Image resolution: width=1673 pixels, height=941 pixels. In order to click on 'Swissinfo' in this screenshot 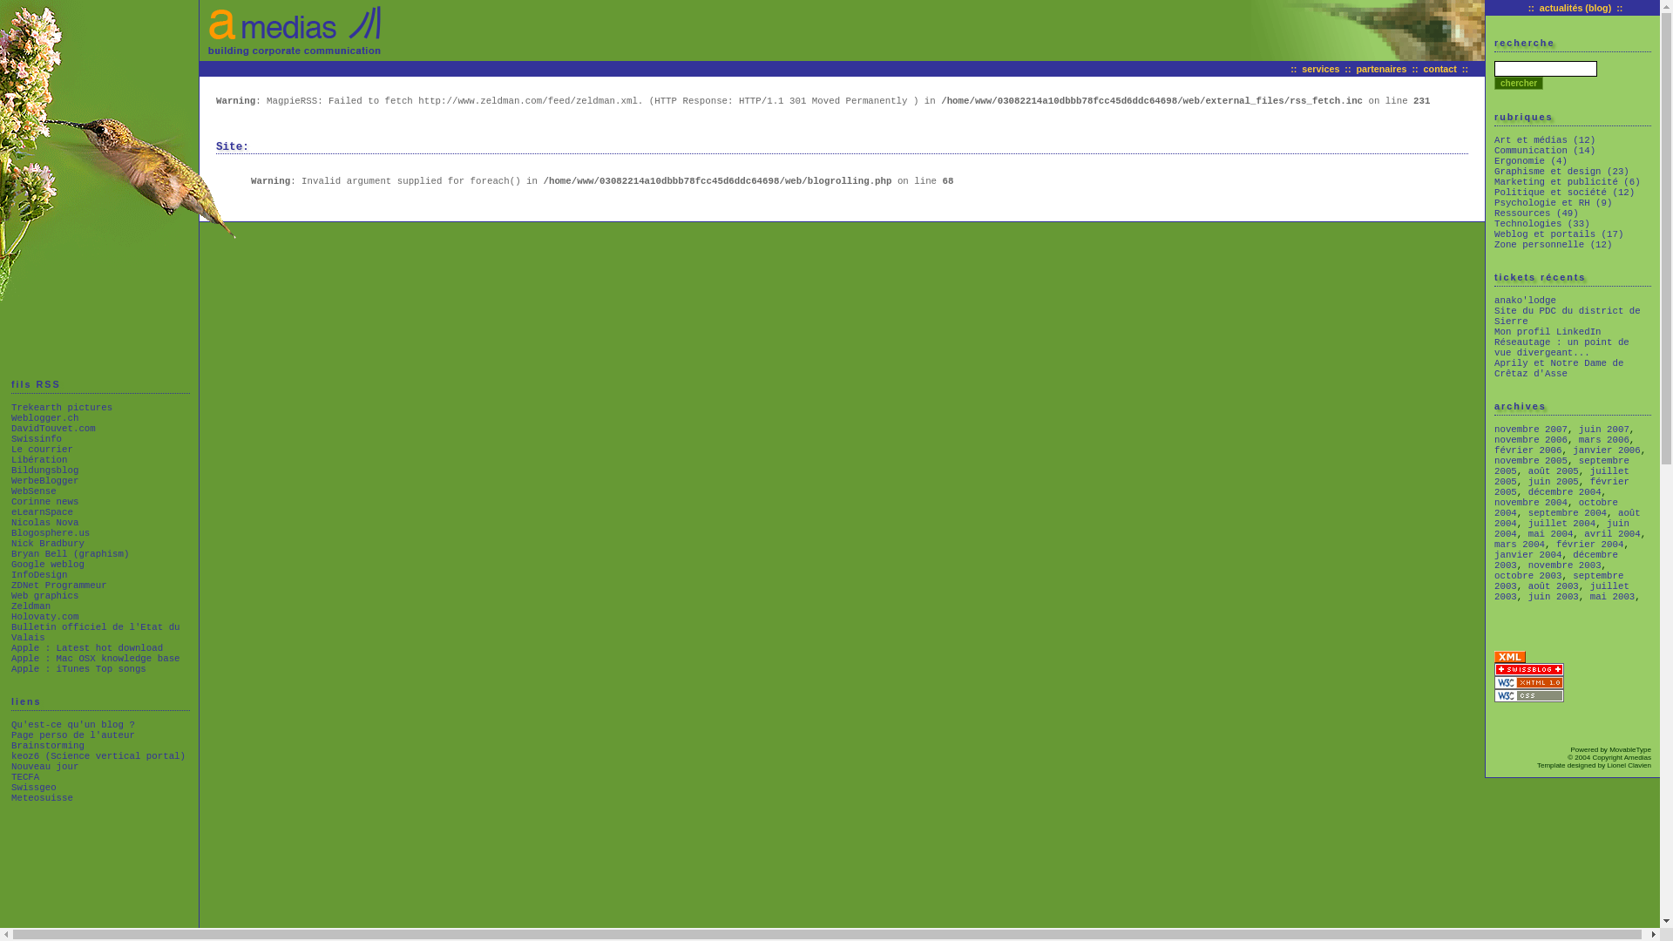, I will do `click(37, 438)`.